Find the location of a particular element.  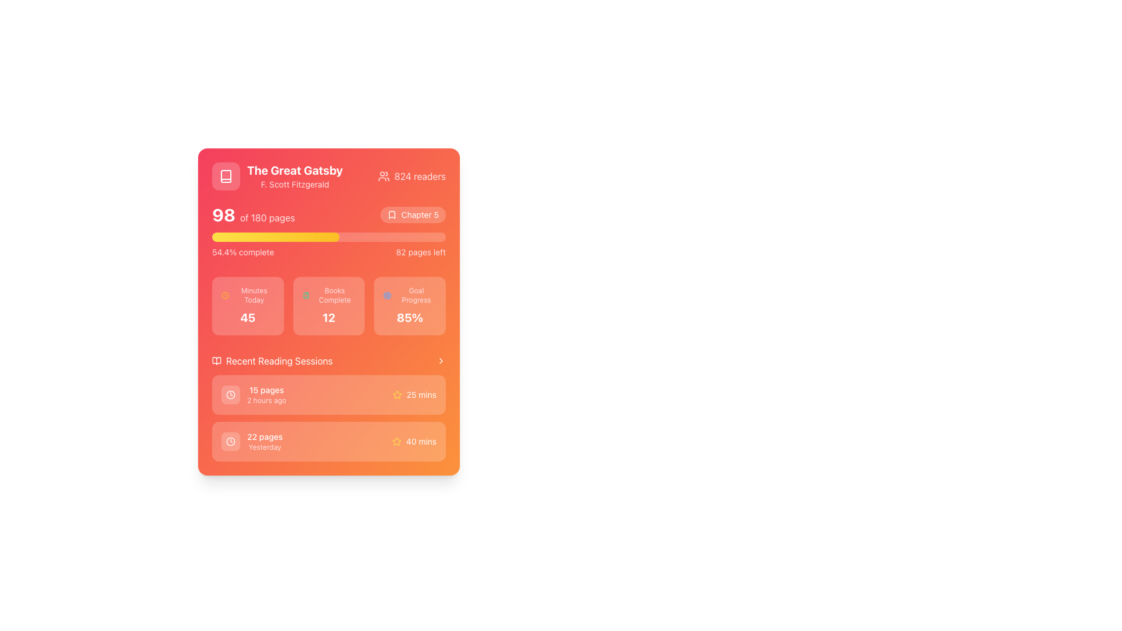

the text label that provides supplementary information about the duration of a recent reading session, located in the bottom-left region of the 'Recent Reading Sessions' card, aligned with a star icon to its left is located at coordinates (421, 394).